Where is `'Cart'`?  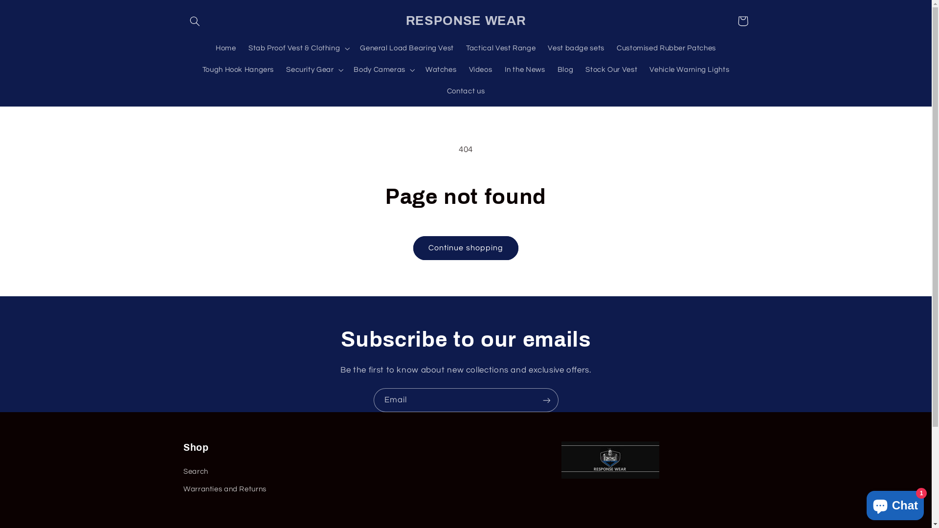
'Cart' is located at coordinates (732, 21).